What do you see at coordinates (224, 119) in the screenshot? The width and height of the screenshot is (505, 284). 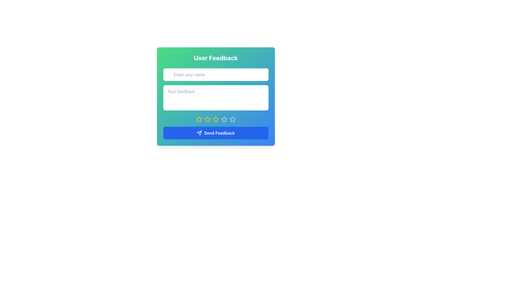 I see `the fifth star icon in the rating section` at bounding box center [224, 119].